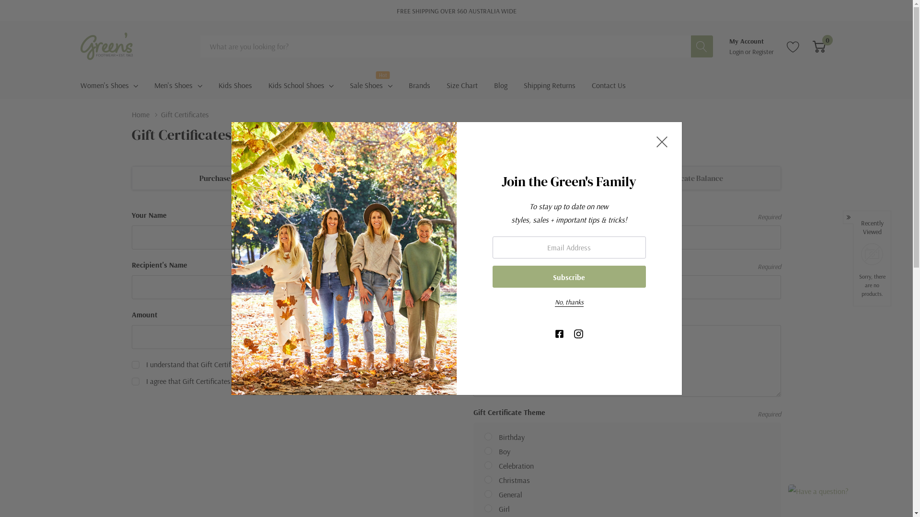  What do you see at coordinates (146, 114) in the screenshot?
I see `'Home'` at bounding box center [146, 114].